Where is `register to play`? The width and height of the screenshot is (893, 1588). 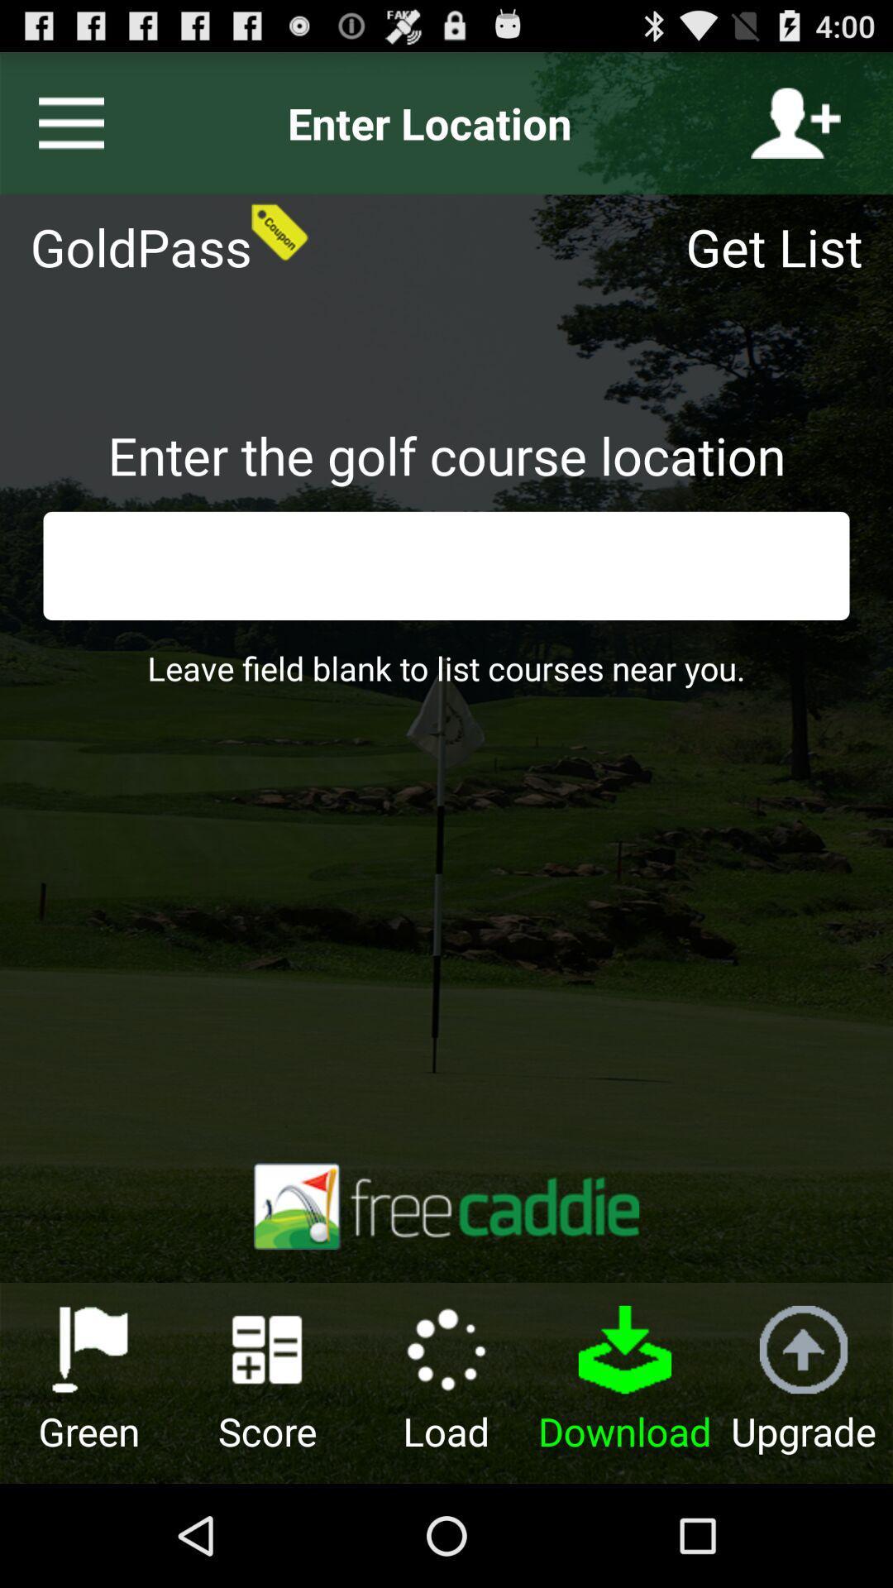 register to play is located at coordinates (795, 122).